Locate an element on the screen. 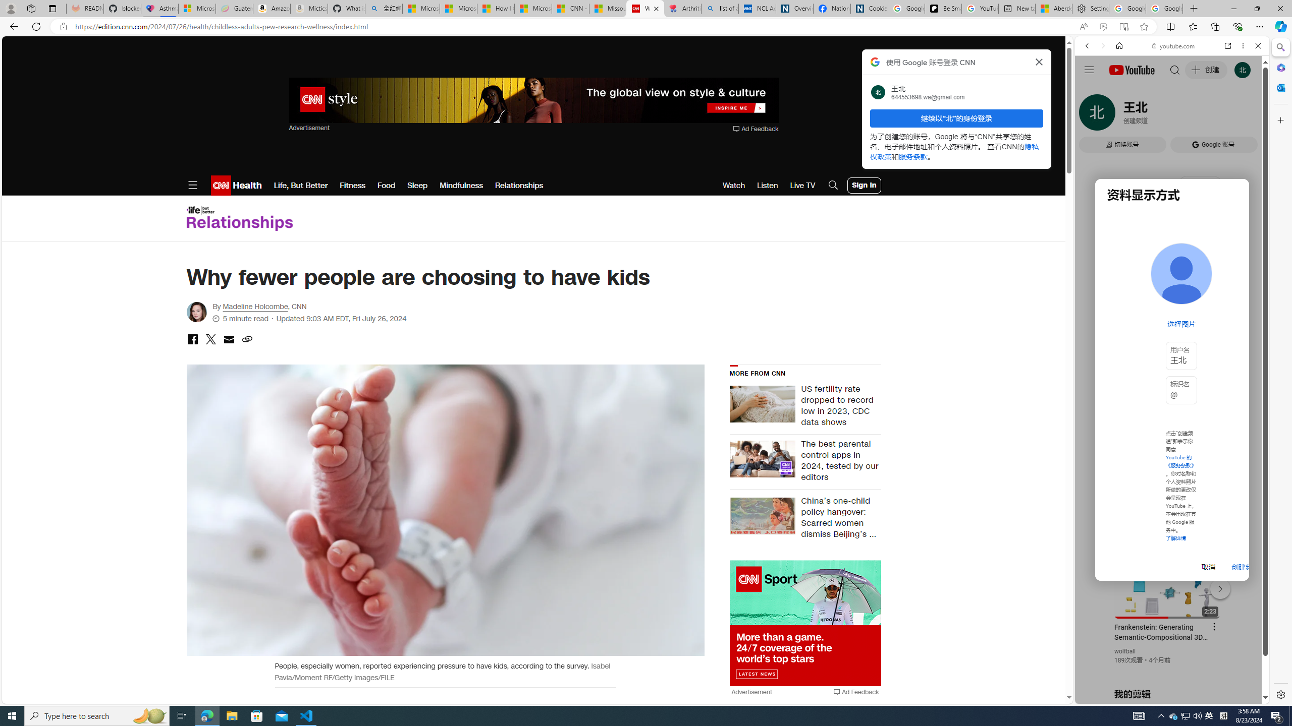 This screenshot has height=726, width=1292. 'Live TV' is located at coordinates (802, 185).